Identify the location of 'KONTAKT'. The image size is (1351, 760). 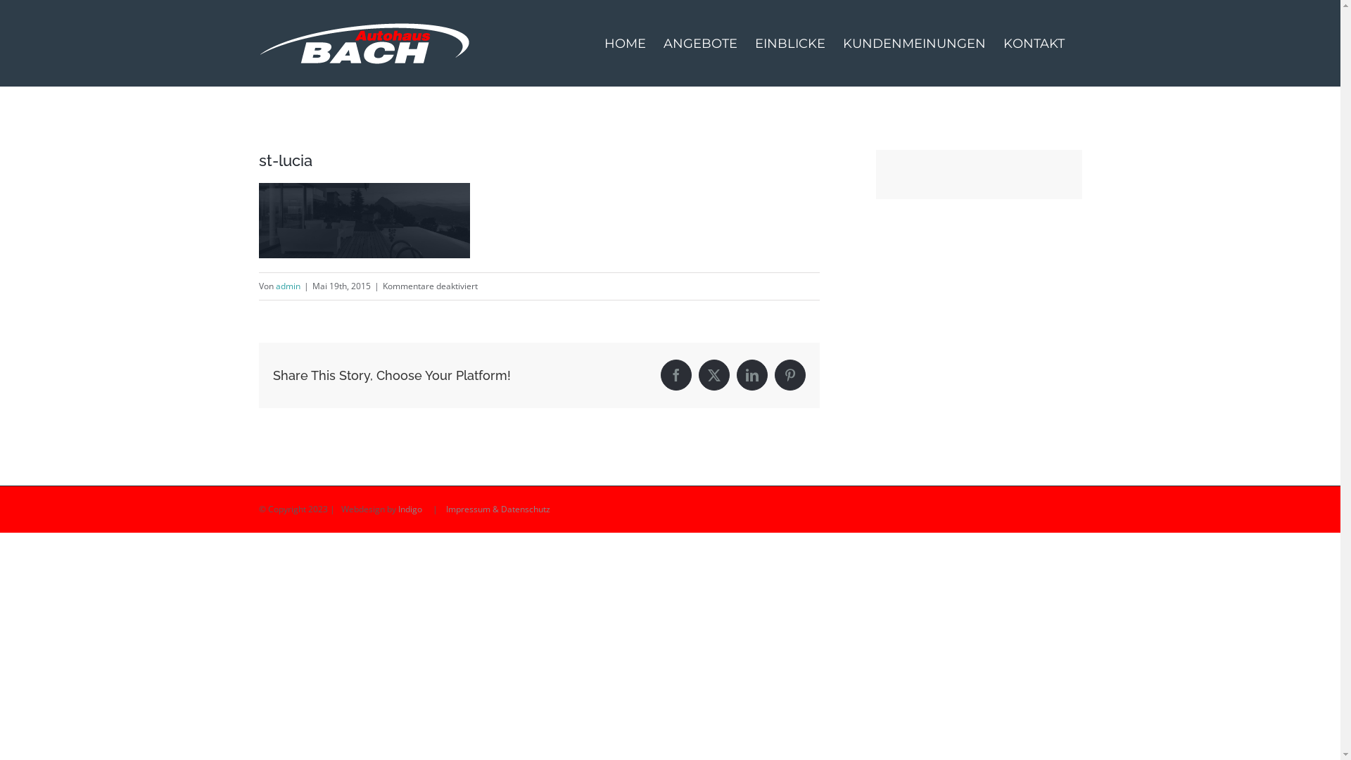
(1034, 42).